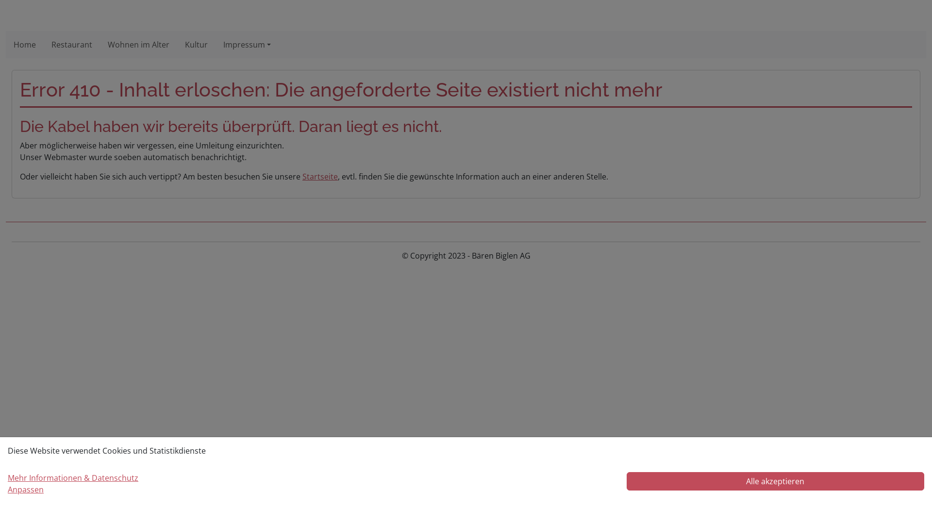  Describe the element at coordinates (25, 490) in the screenshot. I see `'Anpassen'` at that location.